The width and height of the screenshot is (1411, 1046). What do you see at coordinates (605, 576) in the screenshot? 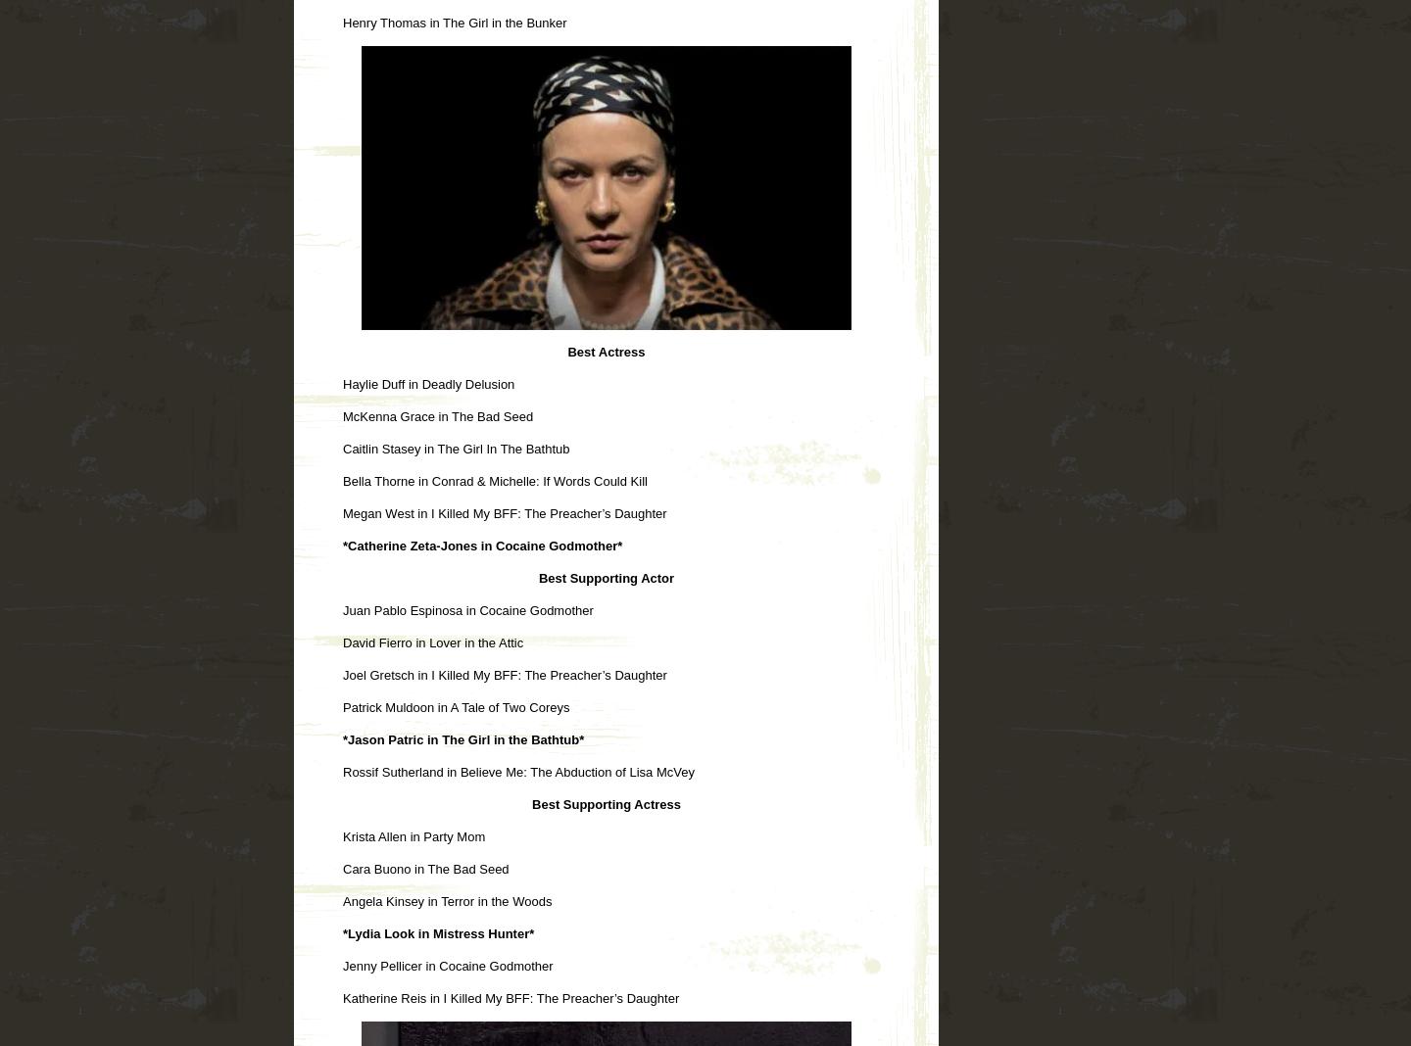
I see `'Best Supporting Actor'` at bounding box center [605, 576].